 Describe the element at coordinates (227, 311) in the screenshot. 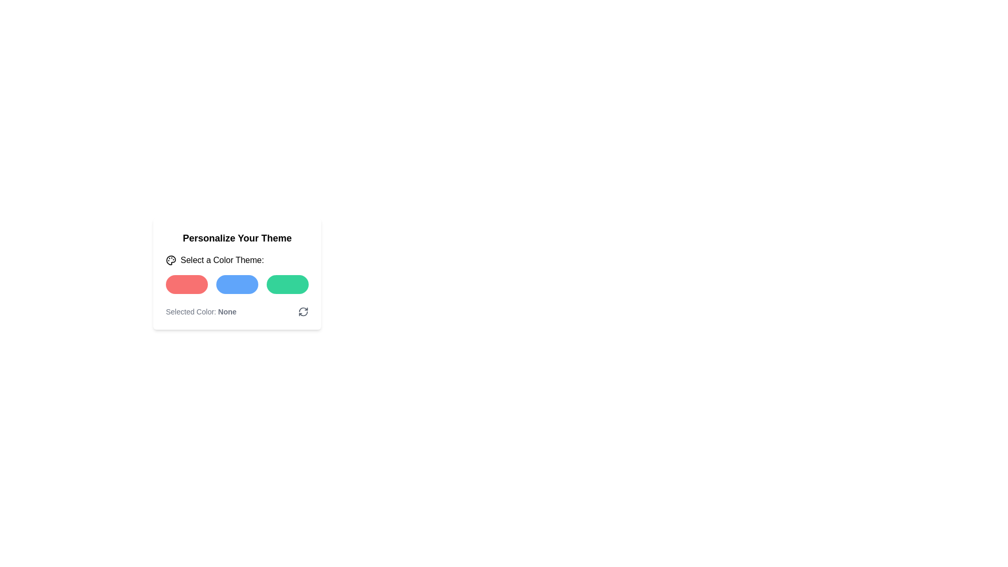

I see `text displayed in the bold section of the Text Label indicating the currently selected color, which is 'None'` at that location.